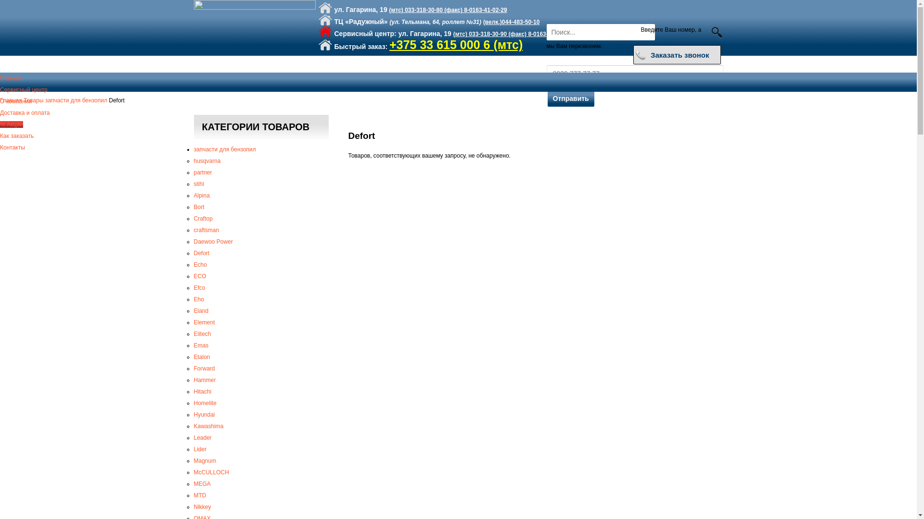 This screenshot has width=924, height=519. I want to click on 'Leader', so click(202, 437).